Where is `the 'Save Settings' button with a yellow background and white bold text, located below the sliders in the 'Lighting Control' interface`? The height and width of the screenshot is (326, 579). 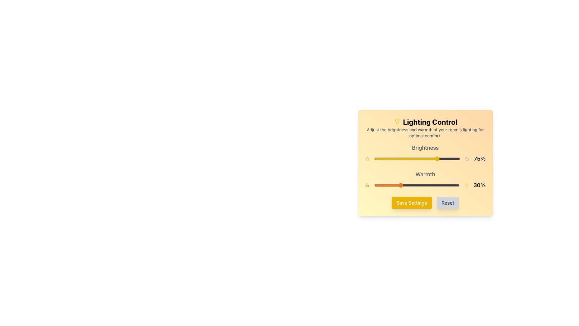 the 'Save Settings' button with a yellow background and white bold text, located below the sliders in the 'Lighting Control' interface is located at coordinates (425, 203).